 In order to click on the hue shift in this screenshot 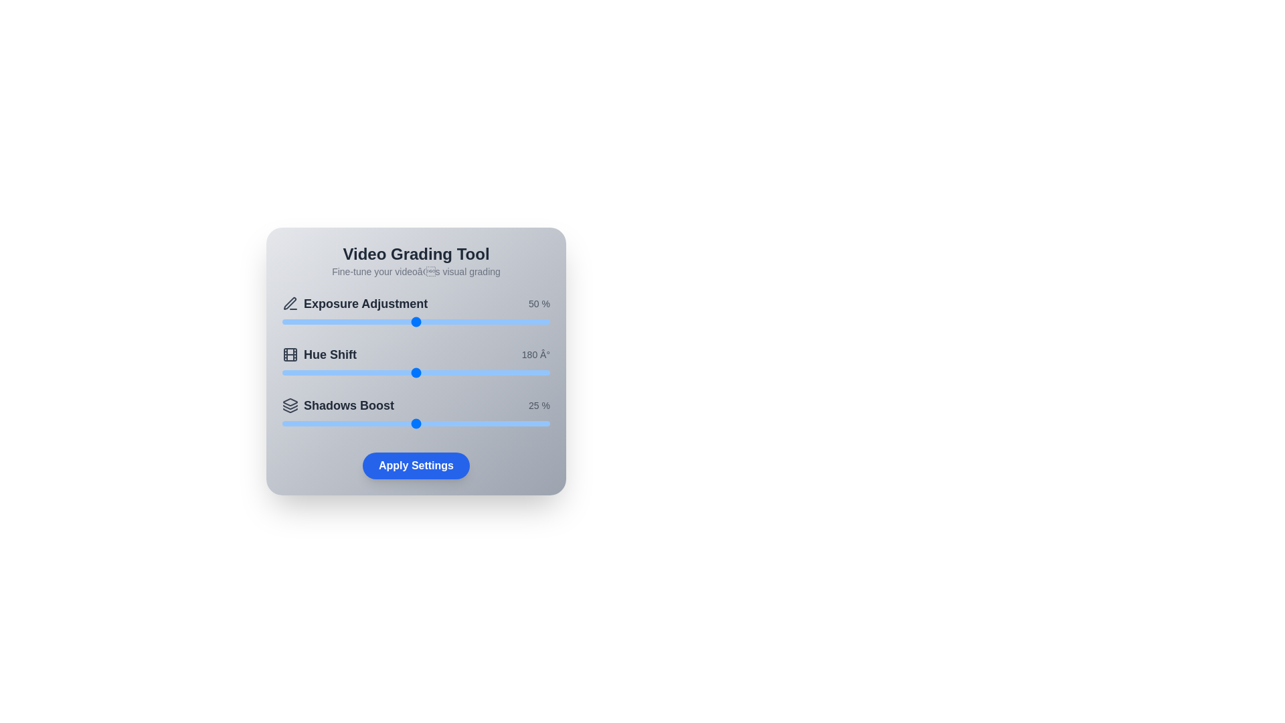, I will do `click(367, 372)`.